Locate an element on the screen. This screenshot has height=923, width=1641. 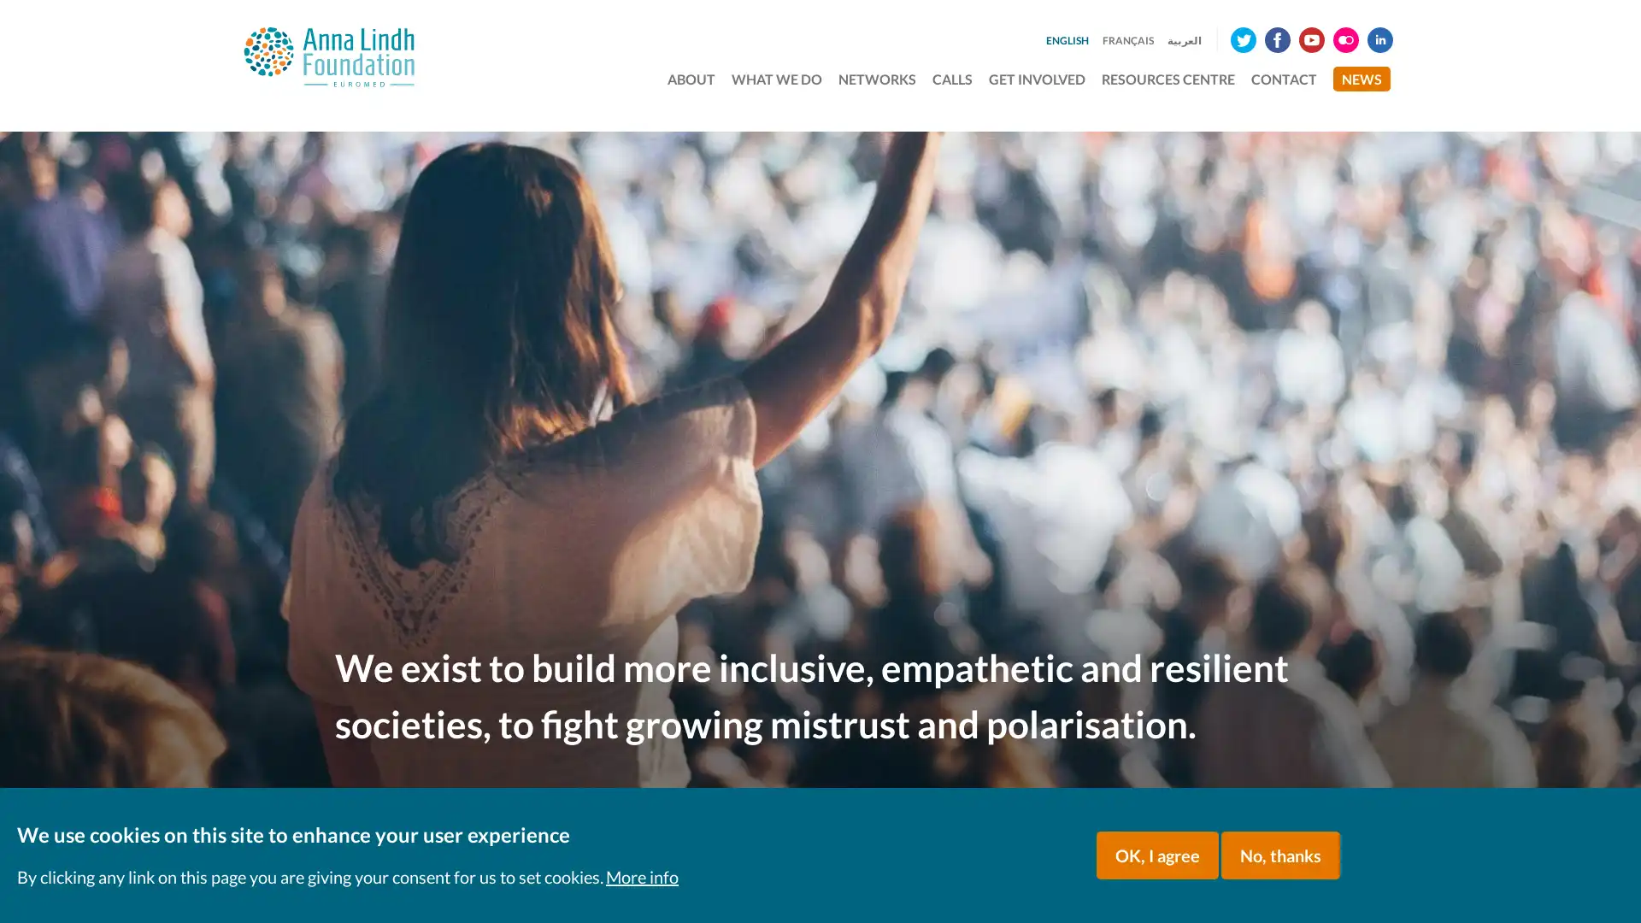
More info is located at coordinates (641, 877).